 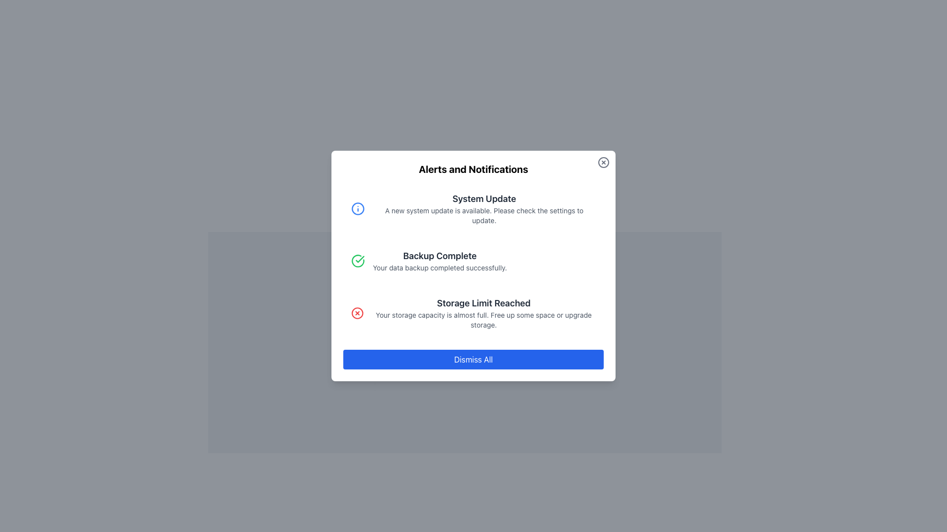 I want to click on message in the Text Block located beneath the 'Storage Limit Reached' heading in the notification panel, so click(x=483, y=320).